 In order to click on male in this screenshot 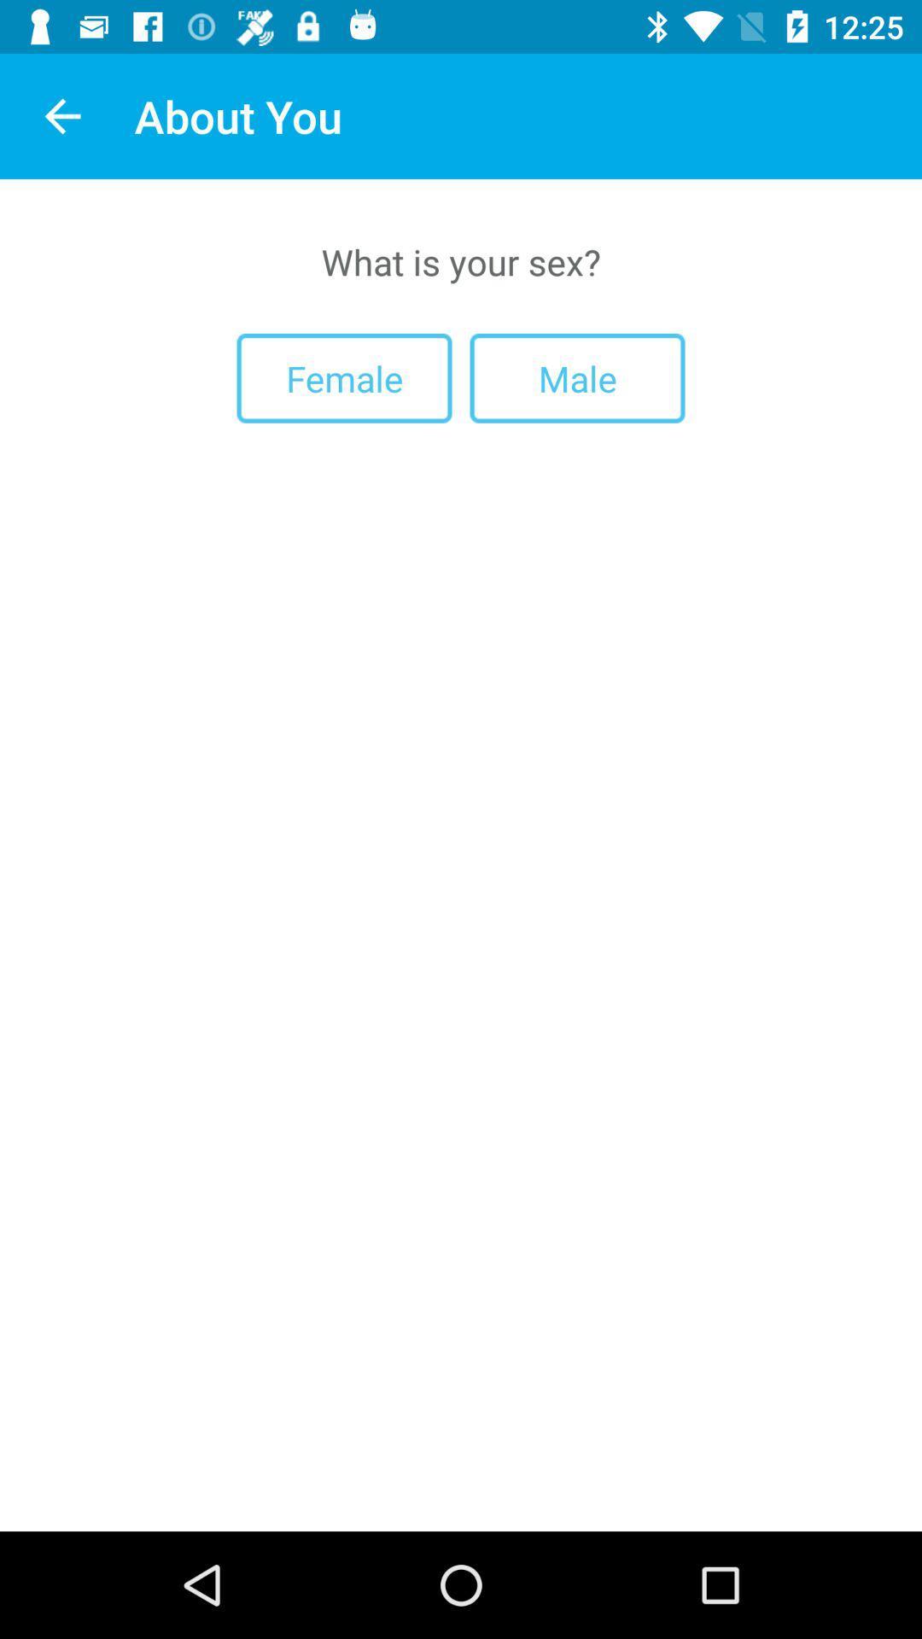, I will do `click(576, 377)`.